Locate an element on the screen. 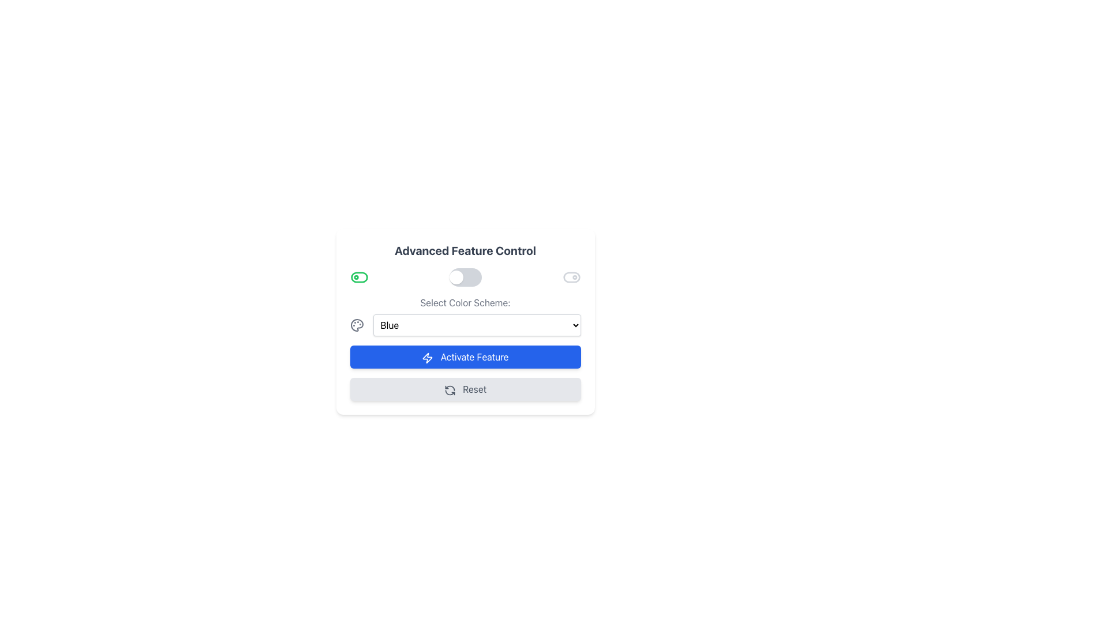 The height and width of the screenshot is (623, 1108). the background shape of the toggle switch located at the top-right of the control box to indicate its state is located at coordinates (571, 277).